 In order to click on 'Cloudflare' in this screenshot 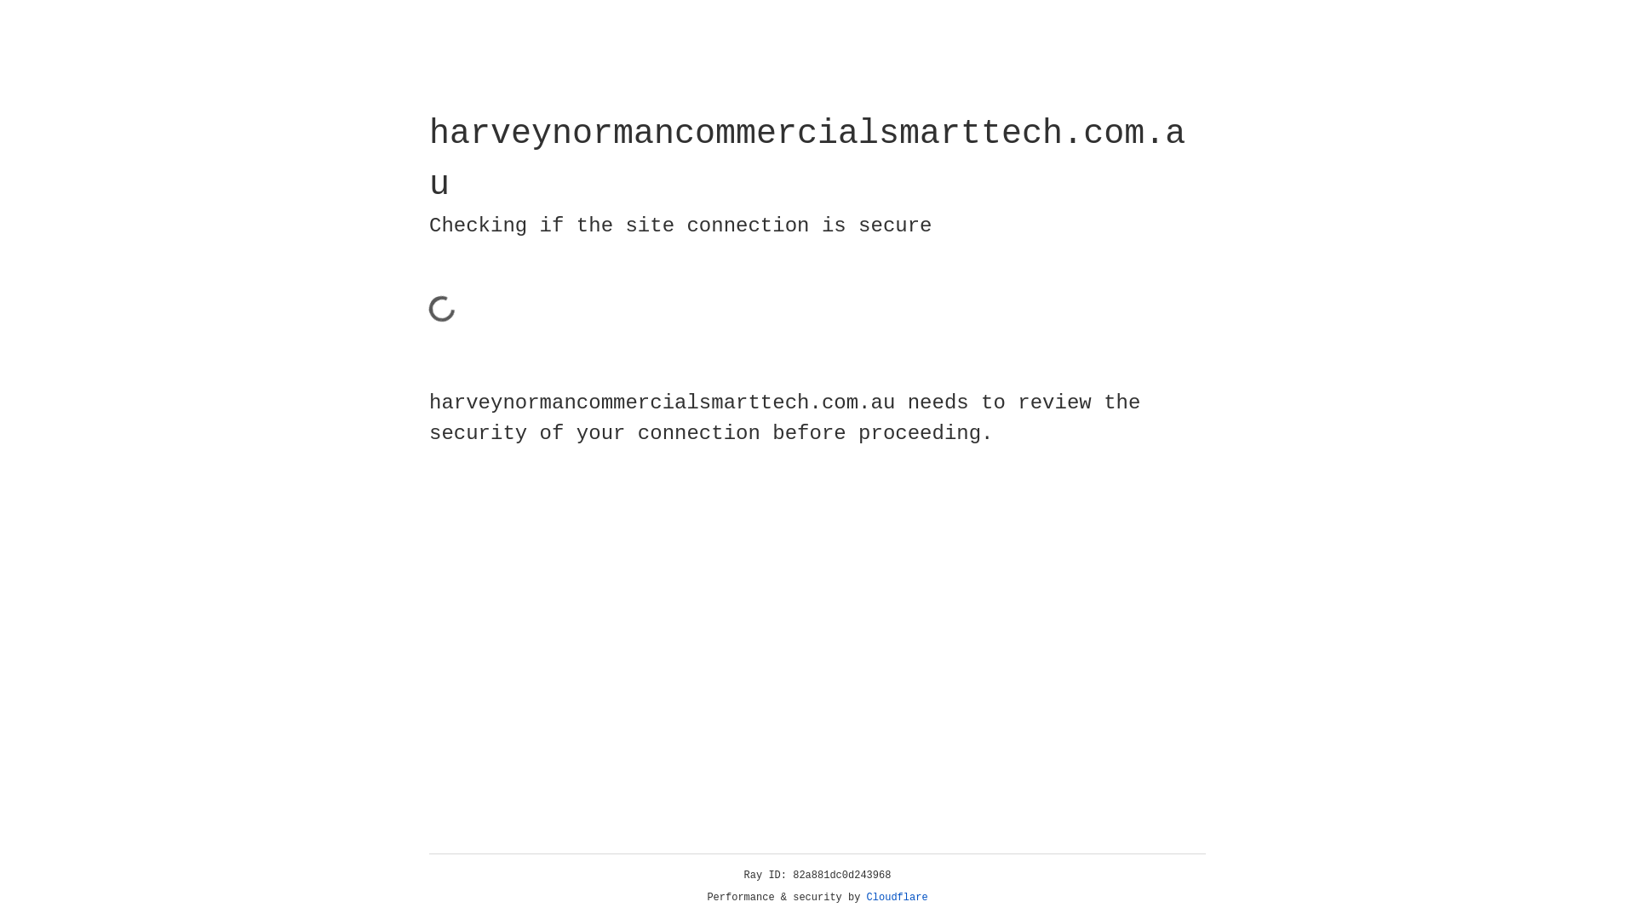, I will do `click(866, 897)`.